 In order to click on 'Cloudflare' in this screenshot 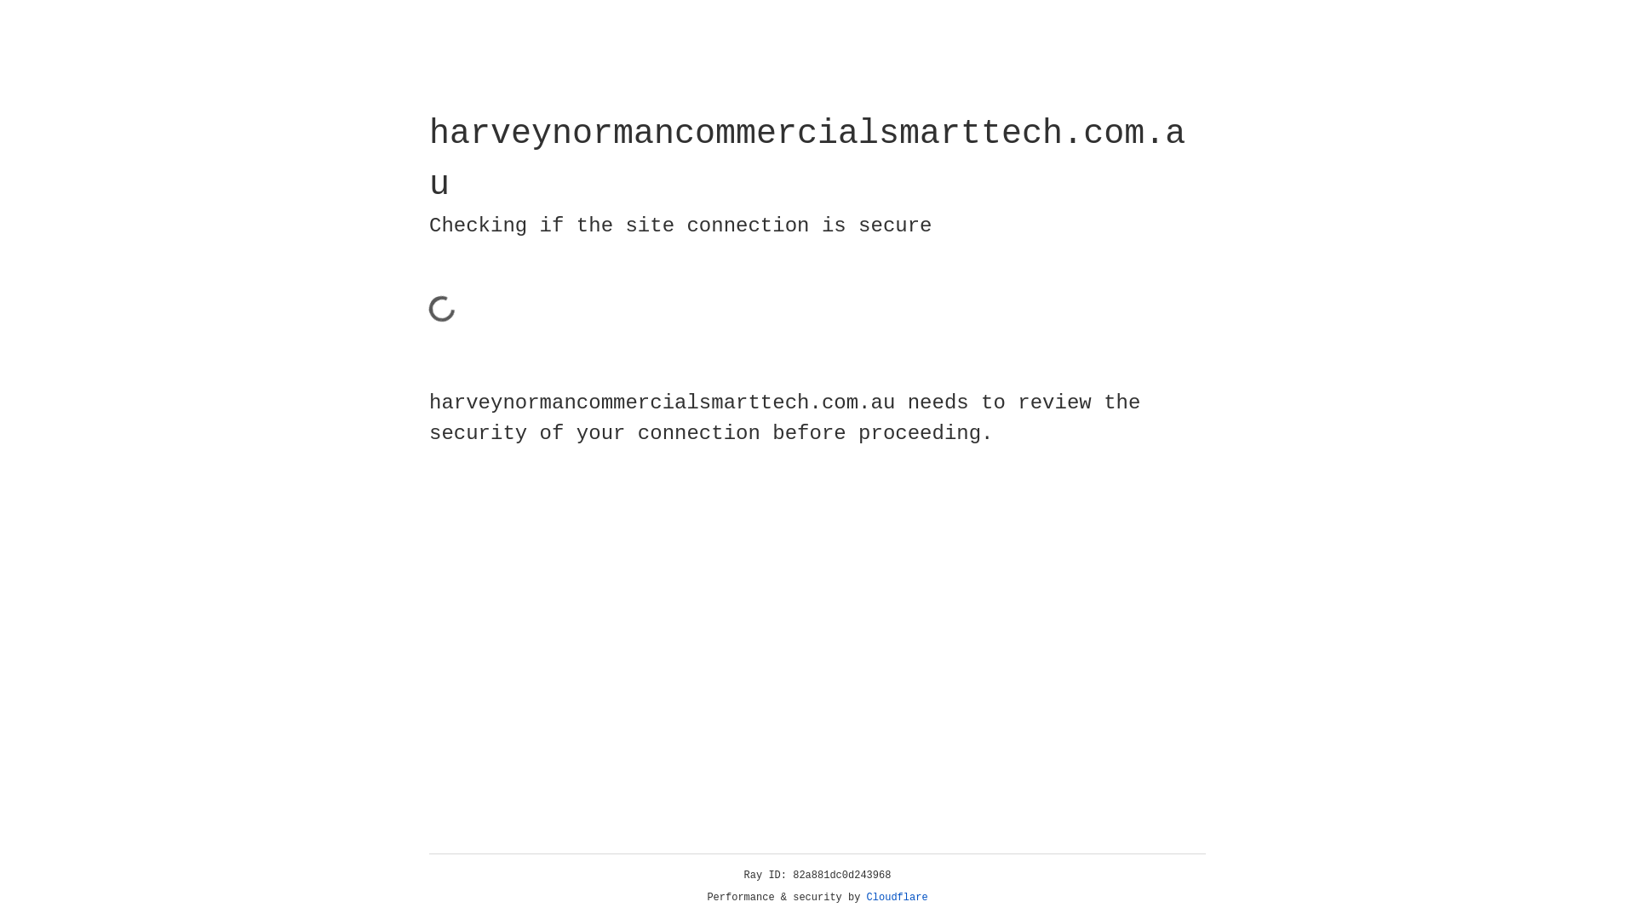, I will do `click(866, 897)`.